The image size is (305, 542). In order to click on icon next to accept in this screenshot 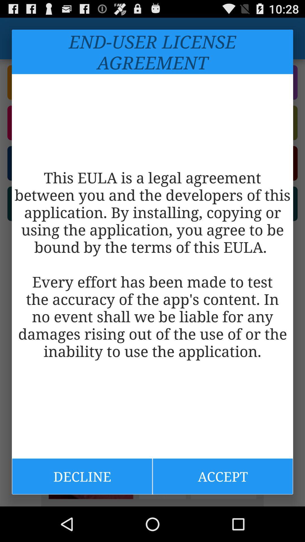, I will do `click(82, 476)`.